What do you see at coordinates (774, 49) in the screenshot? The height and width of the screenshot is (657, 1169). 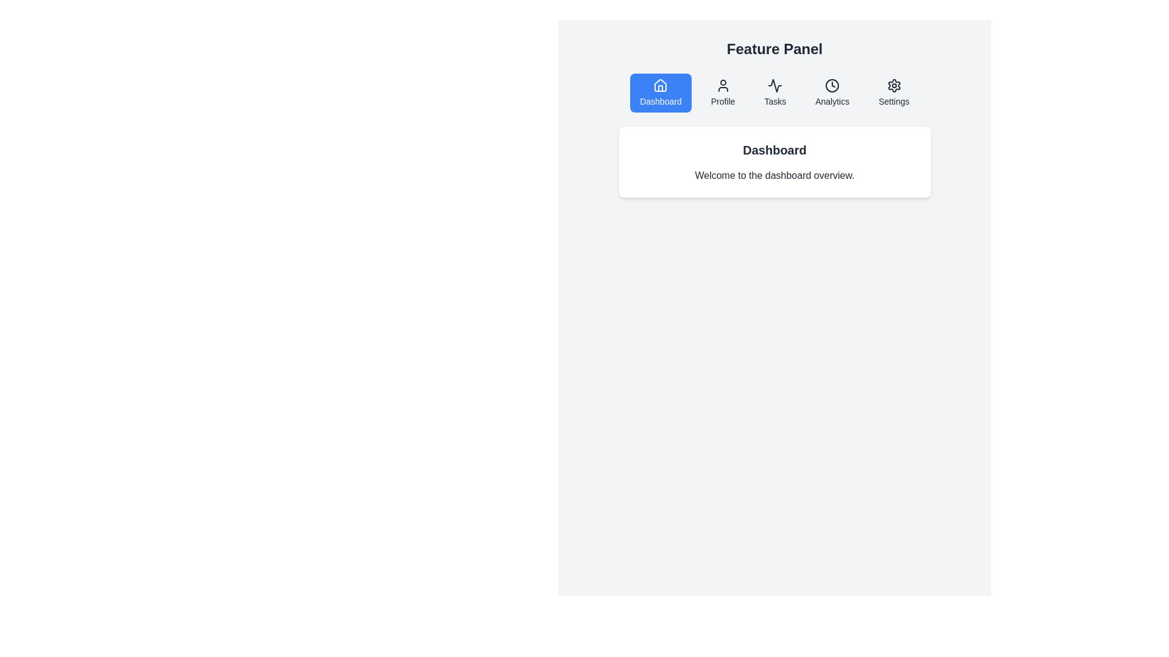 I see `text of the heading element that indicates the user is viewing the 'Feature Panel', positioned at the top center of the interface above the navigation bar` at bounding box center [774, 49].